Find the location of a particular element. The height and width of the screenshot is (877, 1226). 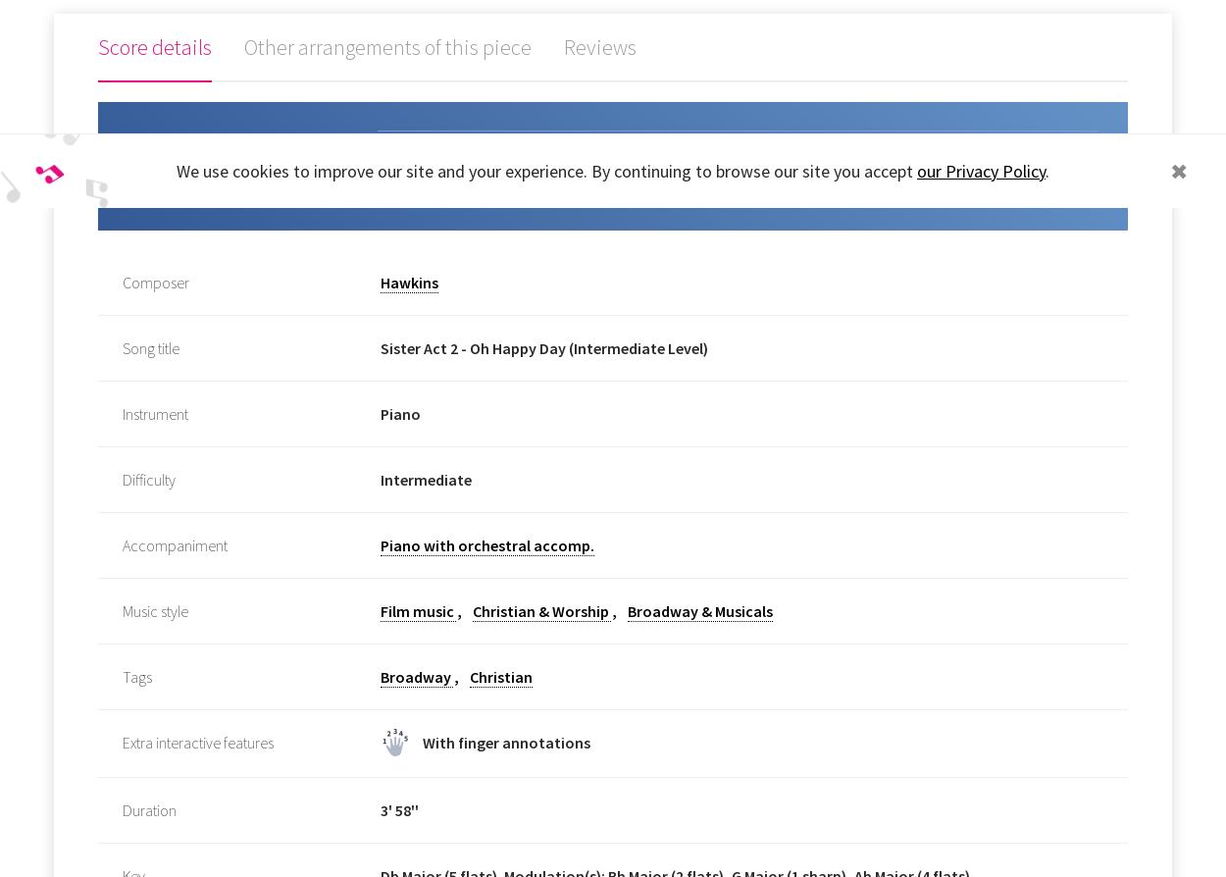

'Composer' is located at coordinates (156, 281).